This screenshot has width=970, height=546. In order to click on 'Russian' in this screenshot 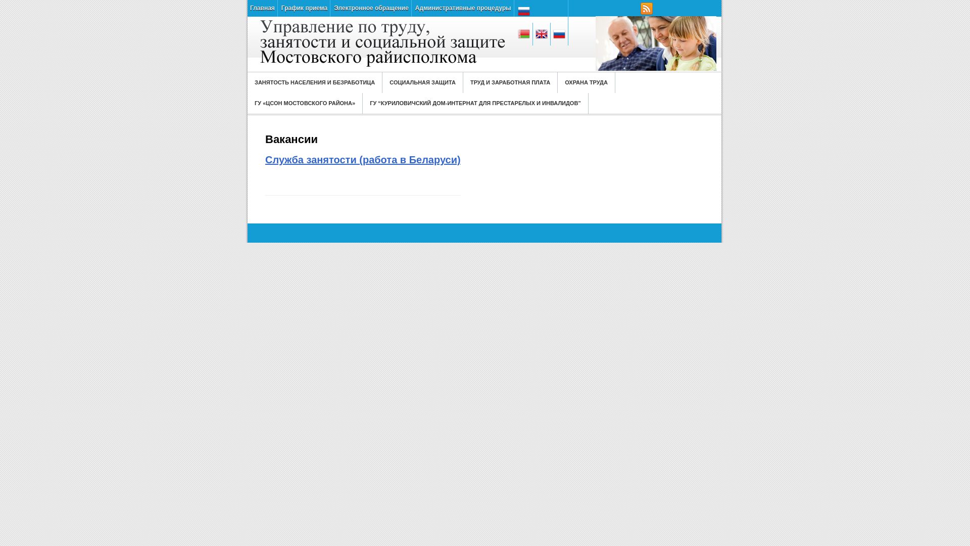, I will do `click(541, 11)`.